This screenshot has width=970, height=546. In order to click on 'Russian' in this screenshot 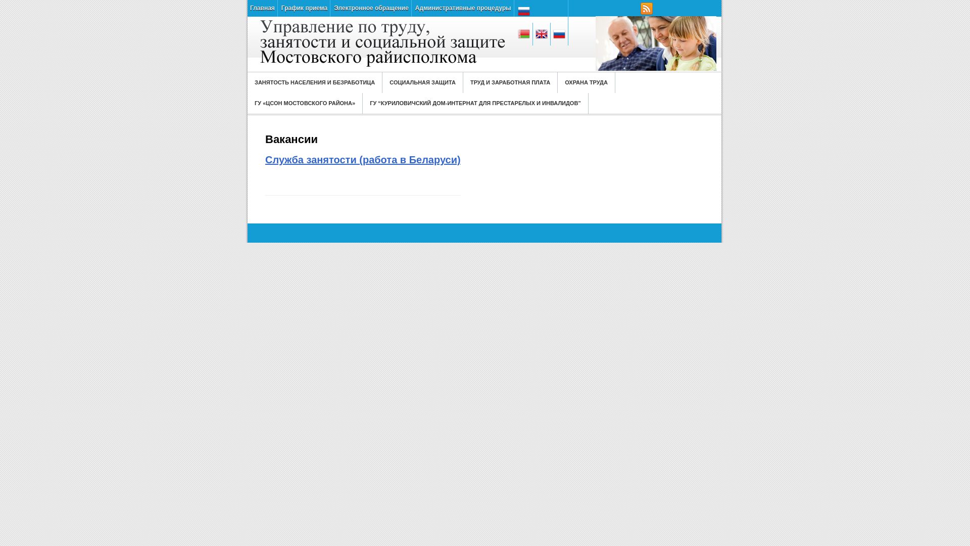, I will do `click(541, 11)`.